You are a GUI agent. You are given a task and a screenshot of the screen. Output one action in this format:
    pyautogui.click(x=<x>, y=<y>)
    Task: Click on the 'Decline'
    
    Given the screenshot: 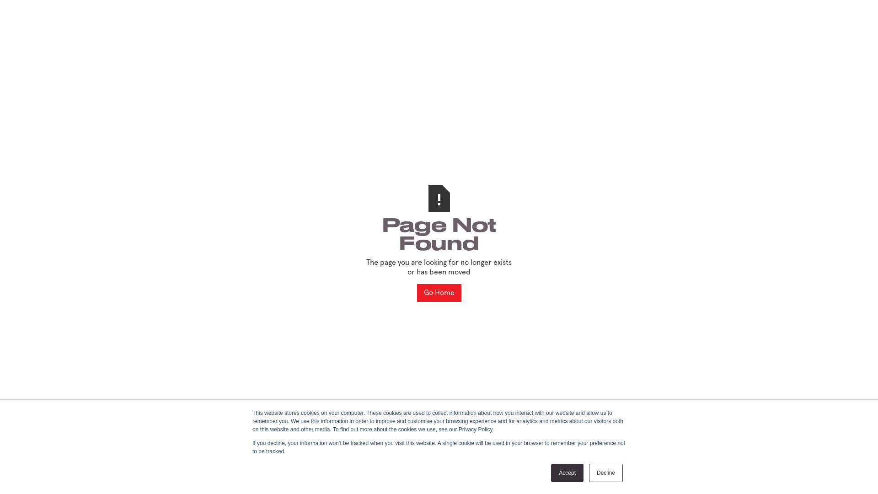 What is the action you would take?
    pyautogui.click(x=605, y=473)
    